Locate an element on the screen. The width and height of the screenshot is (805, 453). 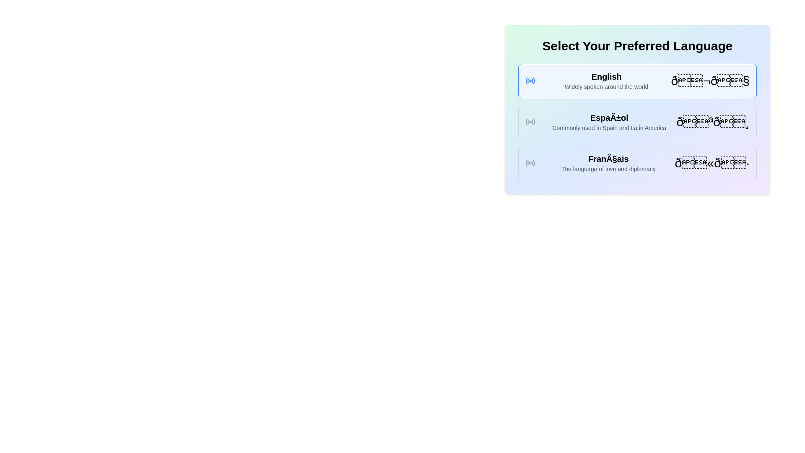
the 'Español' language option icon located at the leftmost side of the button in the language selection list is located at coordinates (530, 122).